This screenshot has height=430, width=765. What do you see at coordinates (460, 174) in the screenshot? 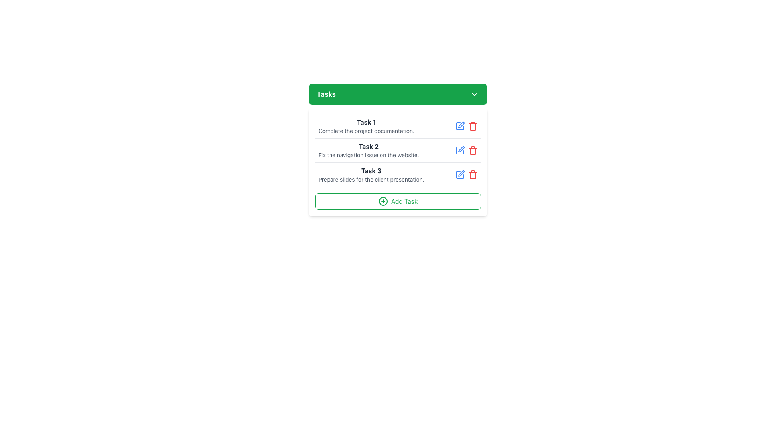
I see `the blue pen icon button in the 'Tasks' interface` at bounding box center [460, 174].